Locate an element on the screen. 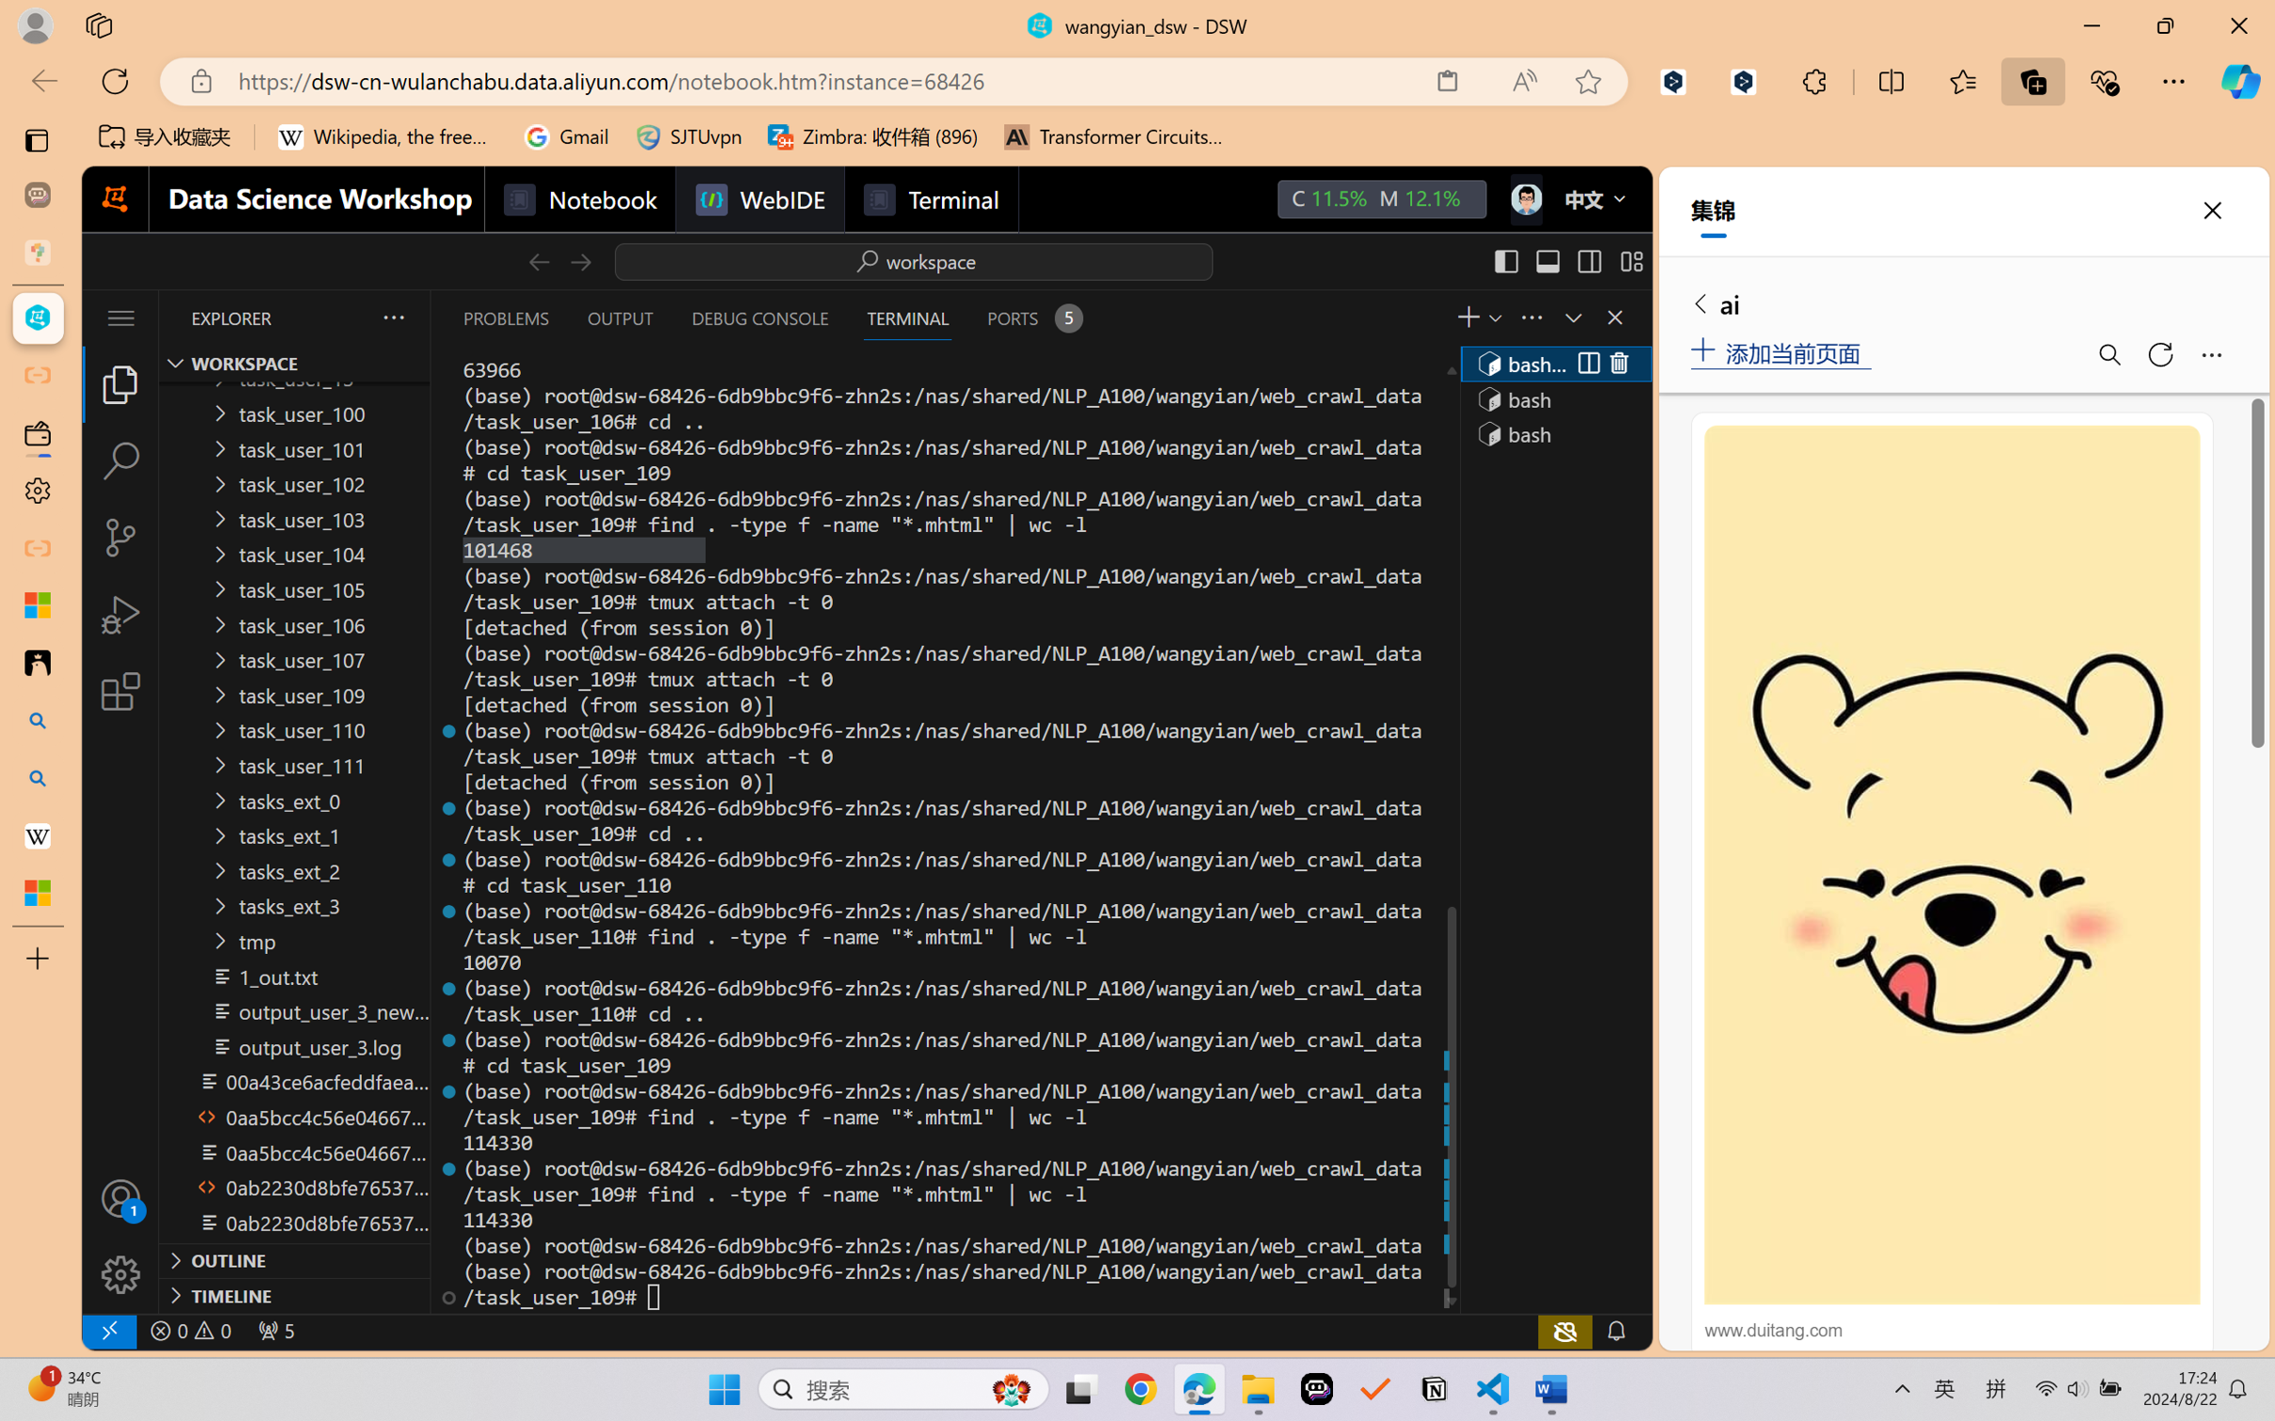 The image size is (2275, 1421). 'Manage' is located at coordinates (119, 1235).